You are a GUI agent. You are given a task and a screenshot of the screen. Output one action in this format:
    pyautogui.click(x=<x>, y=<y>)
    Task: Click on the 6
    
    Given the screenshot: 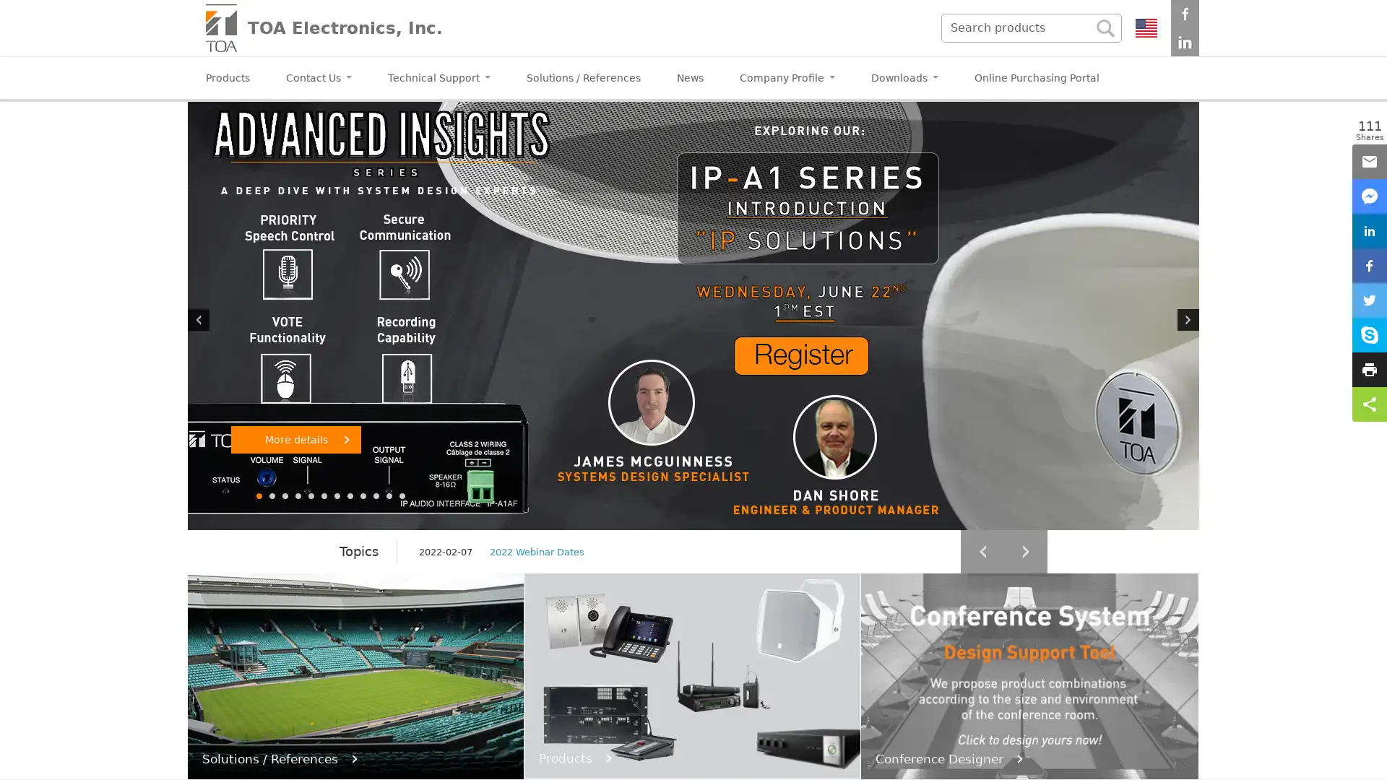 What is the action you would take?
    pyautogui.click(x=324, y=495)
    